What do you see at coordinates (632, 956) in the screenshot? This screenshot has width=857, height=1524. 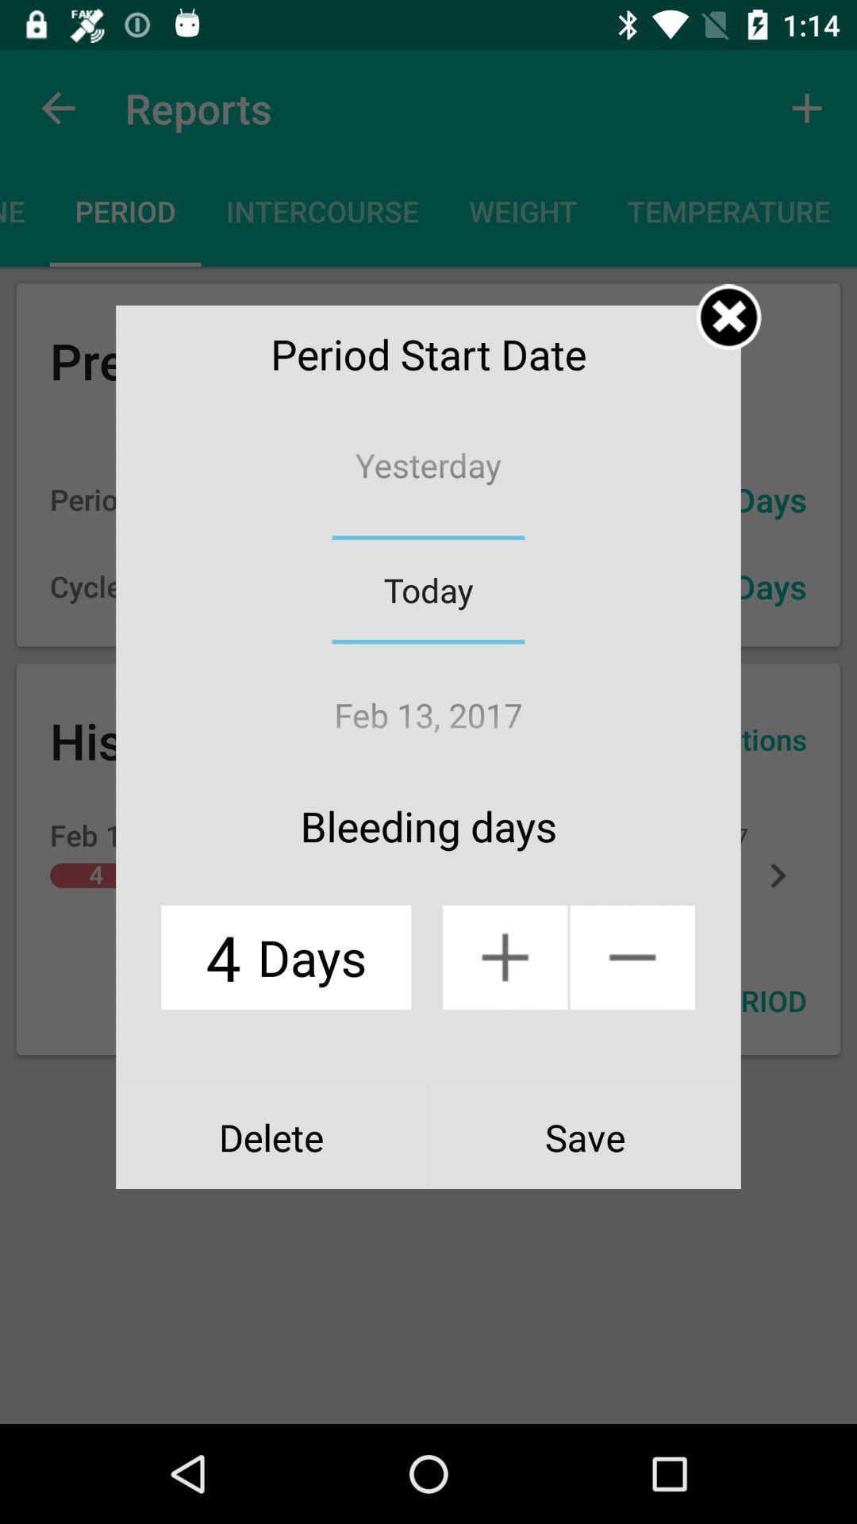 I see `less the option` at bounding box center [632, 956].